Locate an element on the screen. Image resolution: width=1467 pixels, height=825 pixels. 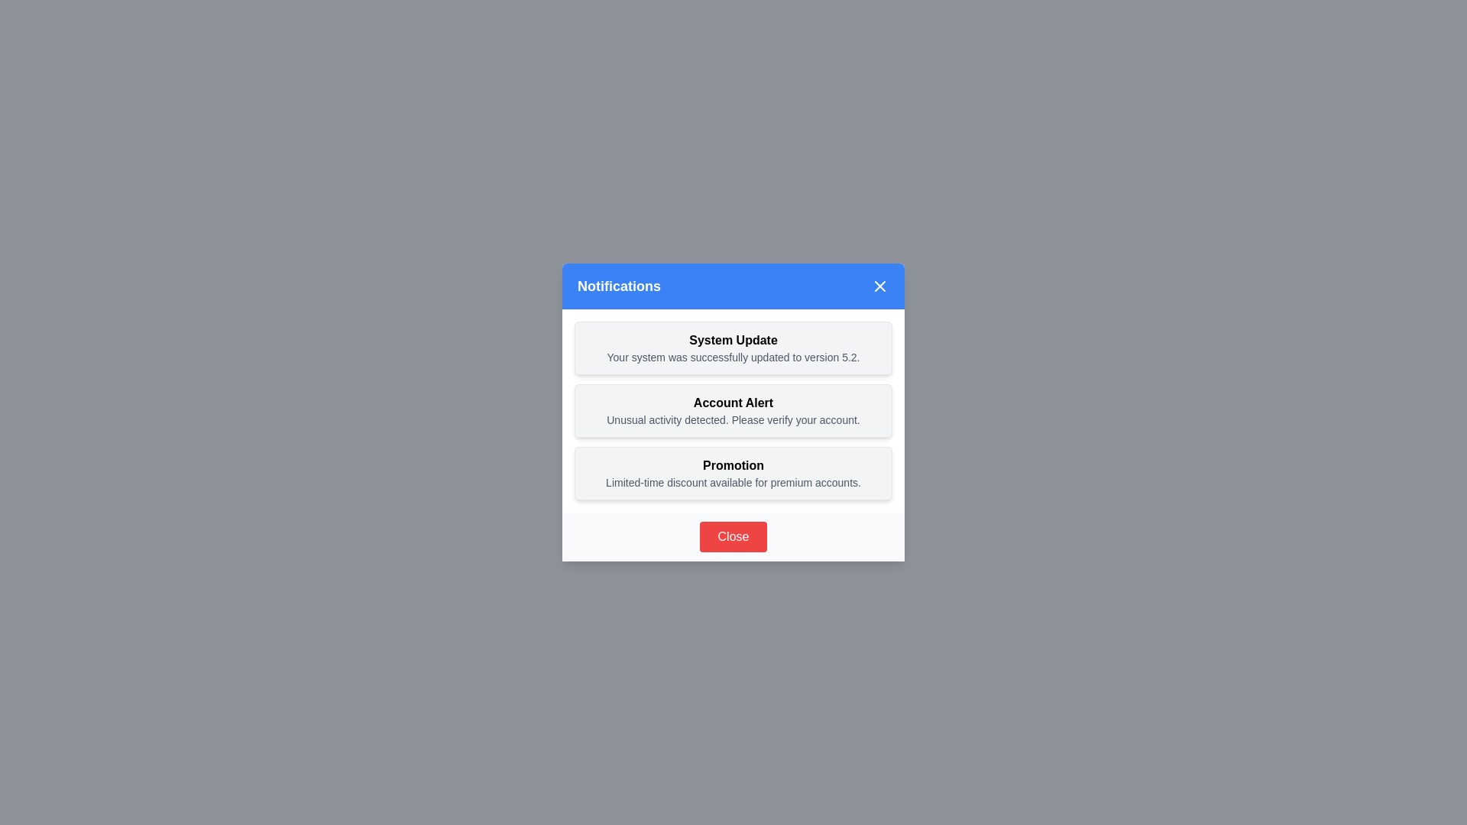
the close button located at the top-right corner of the notification modal's header bar is located at coordinates (880, 286).